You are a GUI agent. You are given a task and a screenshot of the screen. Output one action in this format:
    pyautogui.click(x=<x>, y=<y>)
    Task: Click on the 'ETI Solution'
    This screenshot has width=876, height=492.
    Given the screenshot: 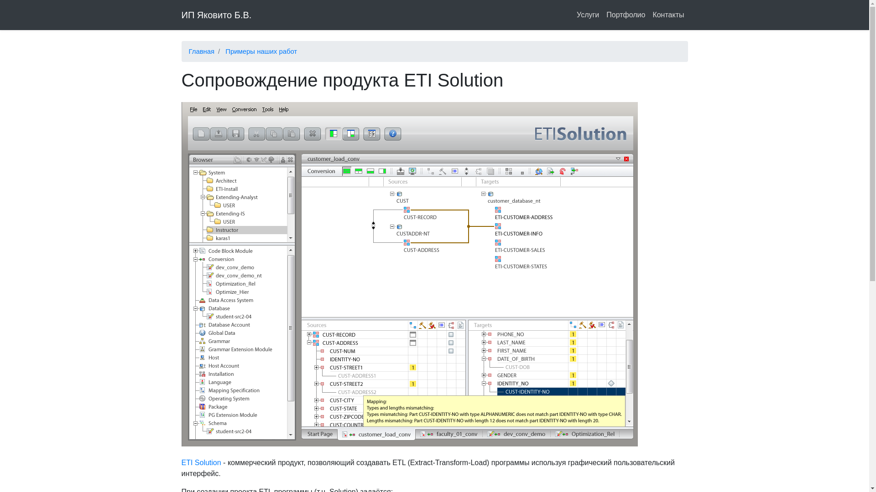 What is the action you would take?
    pyautogui.click(x=201, y=462)
    